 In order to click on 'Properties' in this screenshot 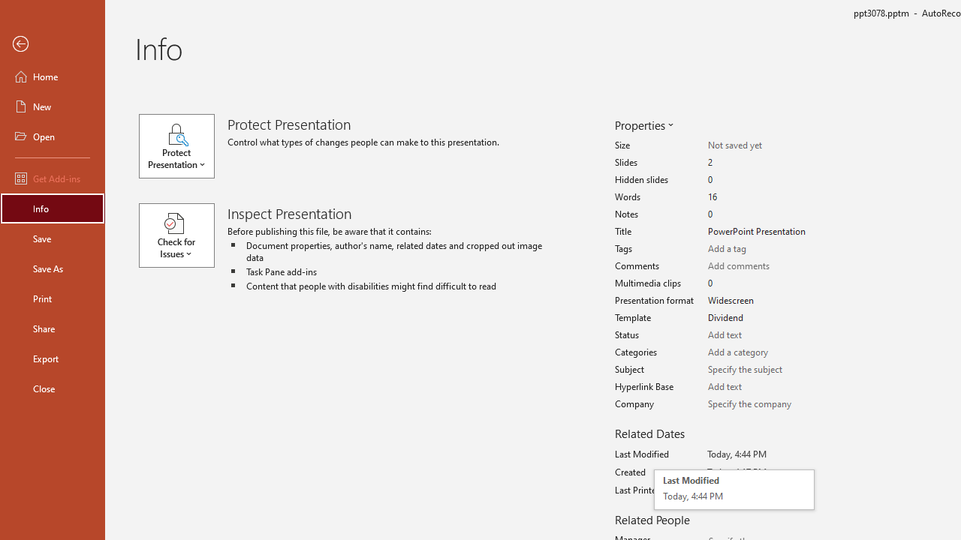, I will do `click(643, 124)`.